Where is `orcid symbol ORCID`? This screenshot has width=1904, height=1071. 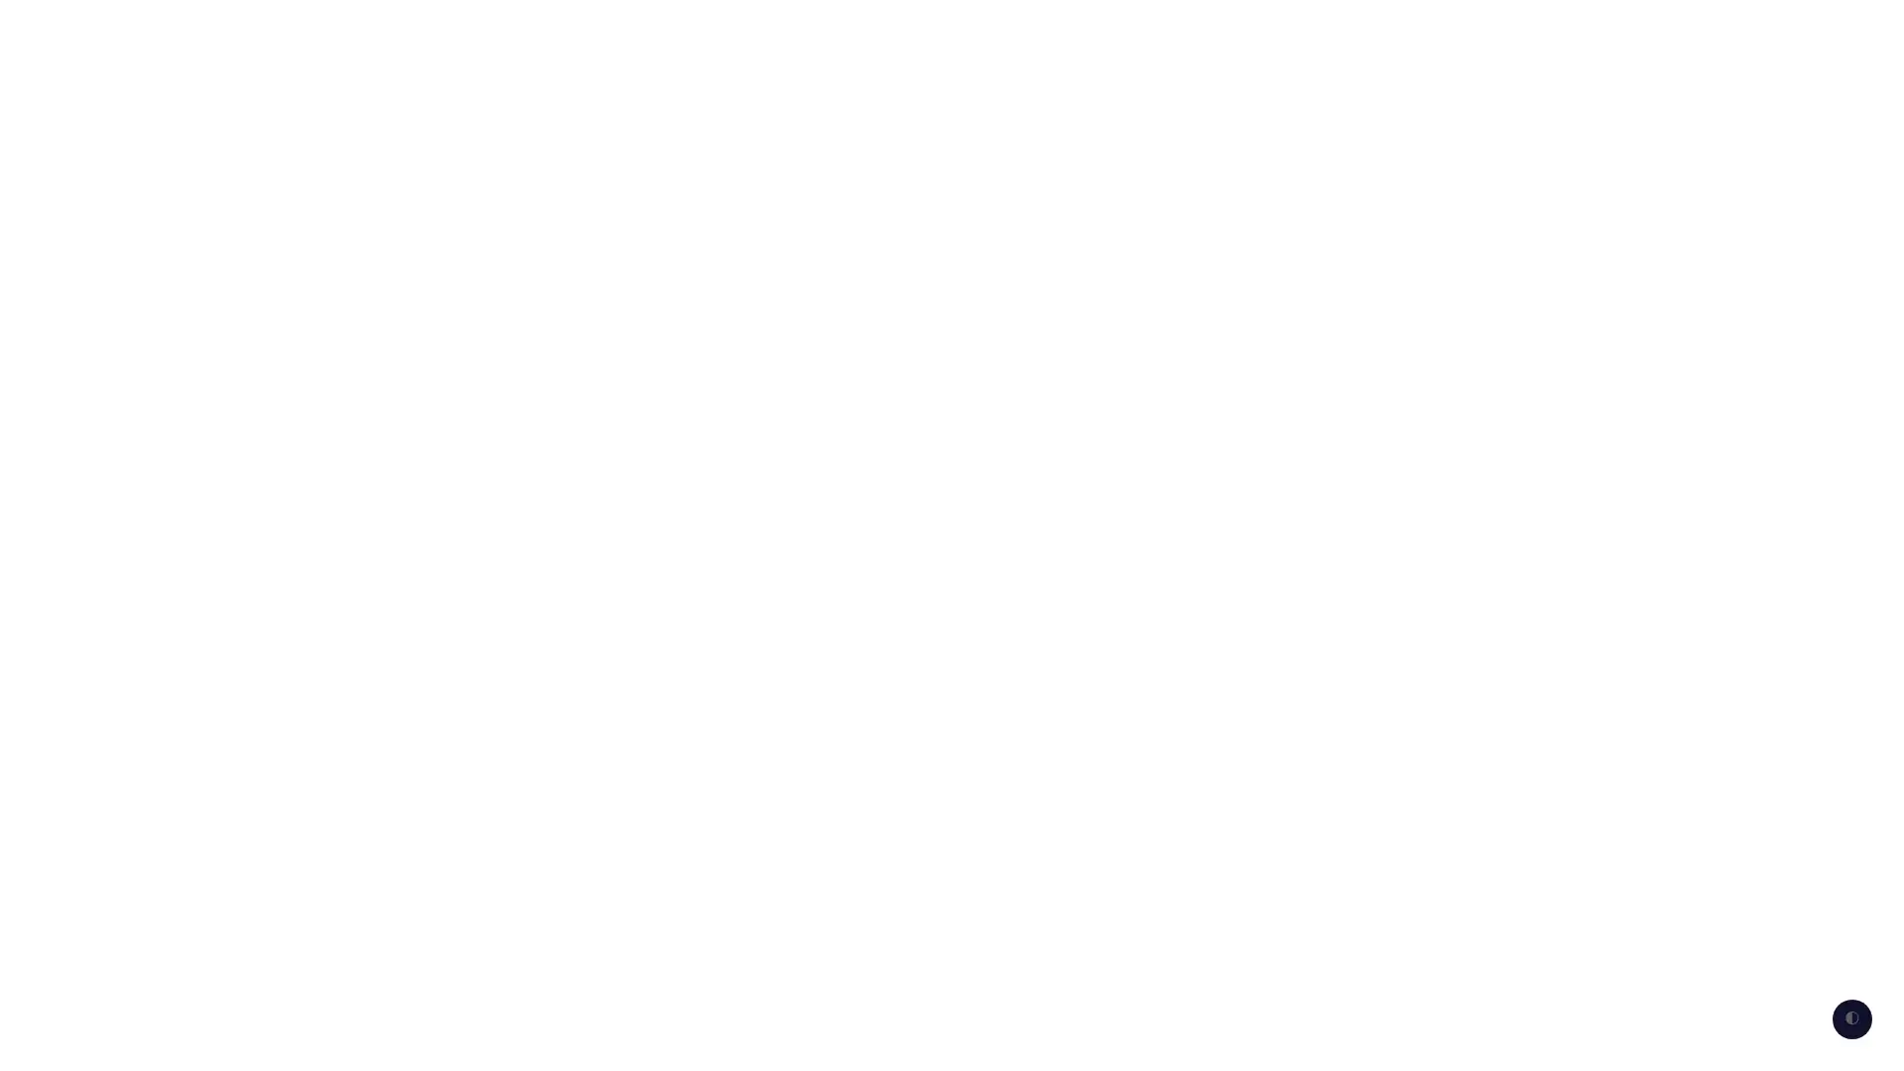 orcid symbol ORCID is located at coordinates (1567, 30).